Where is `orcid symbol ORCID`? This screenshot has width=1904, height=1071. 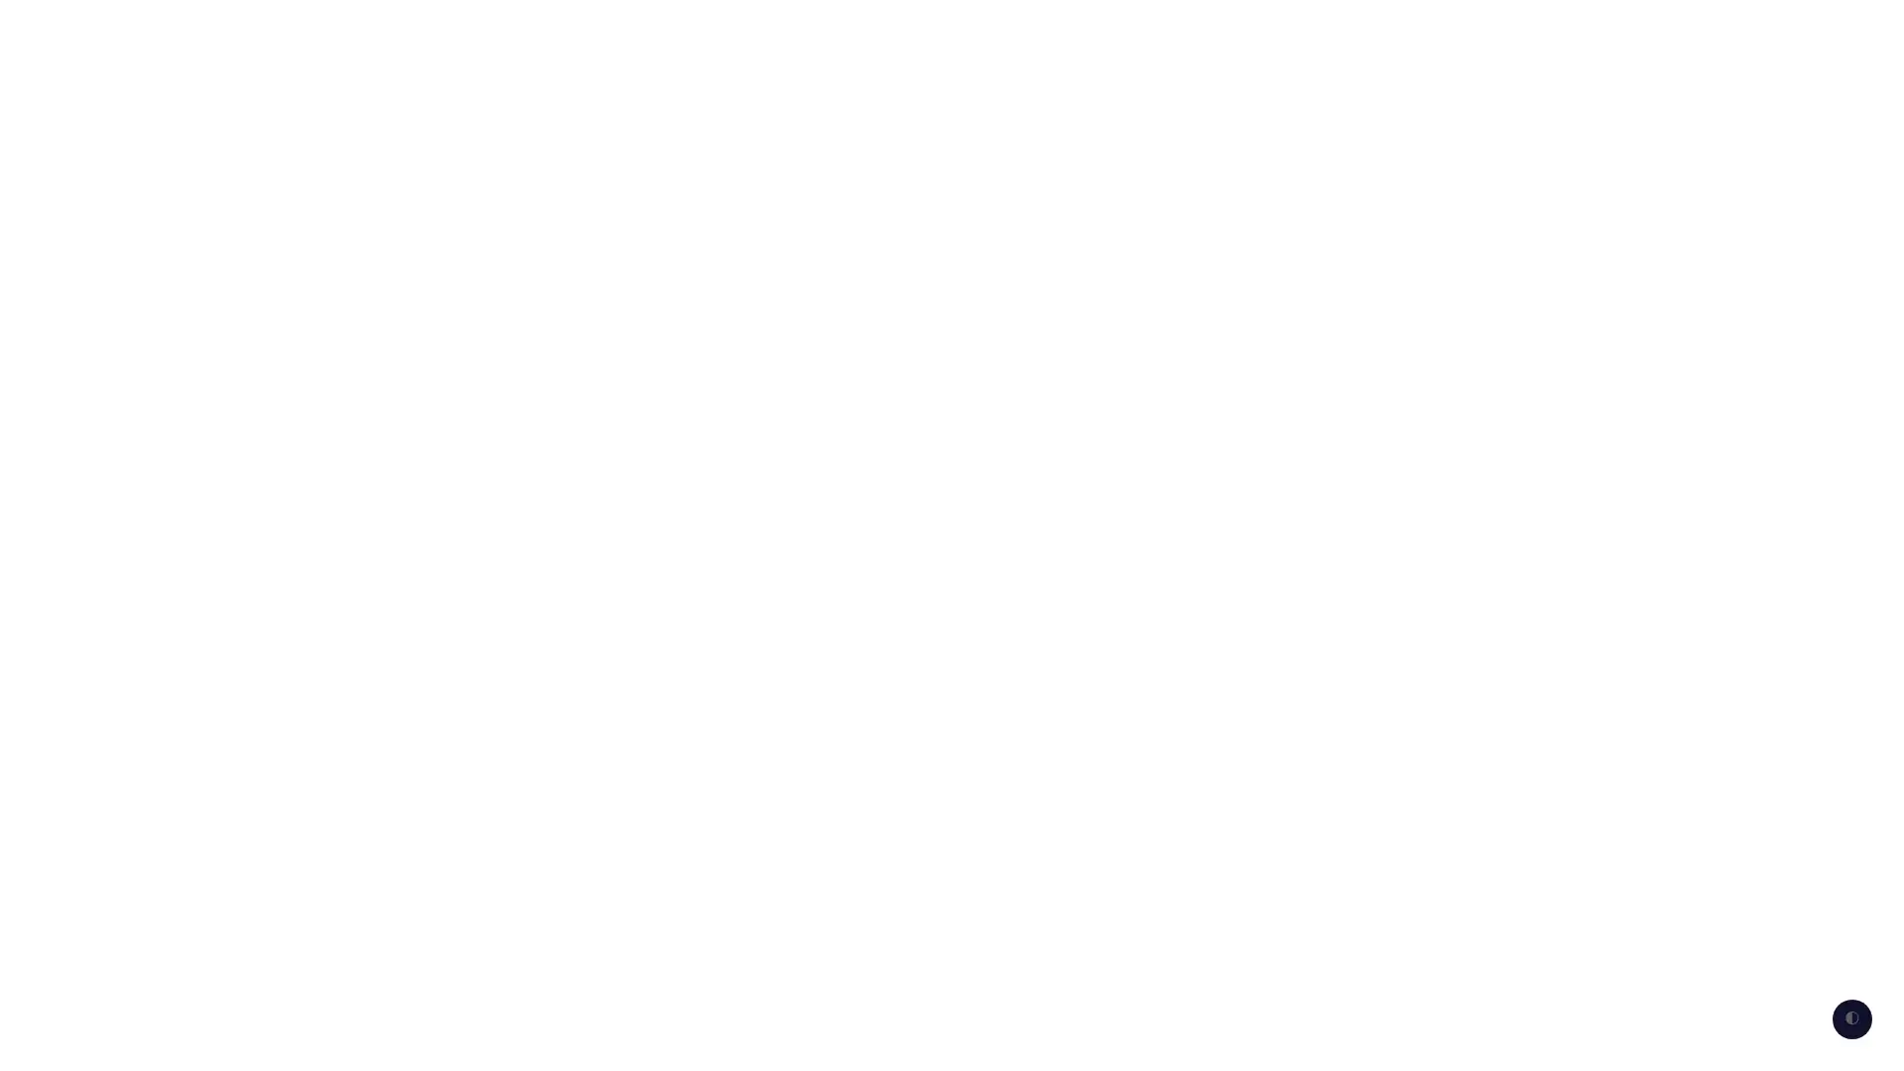 orcid symbol ORCID is located at coordinates (1567, 30).